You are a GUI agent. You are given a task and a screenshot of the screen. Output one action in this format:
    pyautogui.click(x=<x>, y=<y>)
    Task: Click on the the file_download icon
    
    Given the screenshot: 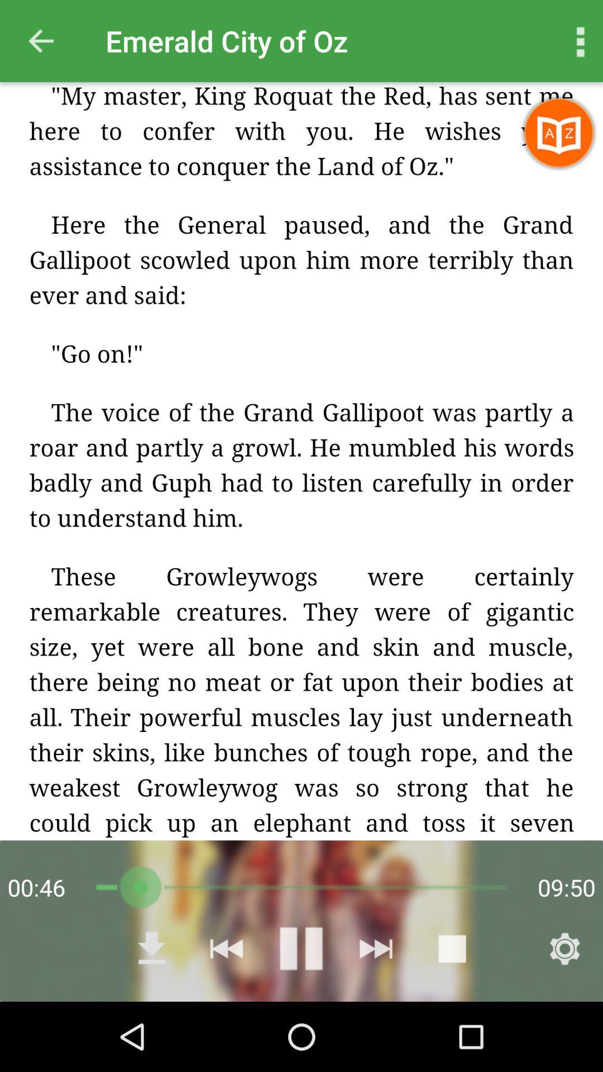 What is the action you would take?
    pyautogui.click(x=151, y=948)
    